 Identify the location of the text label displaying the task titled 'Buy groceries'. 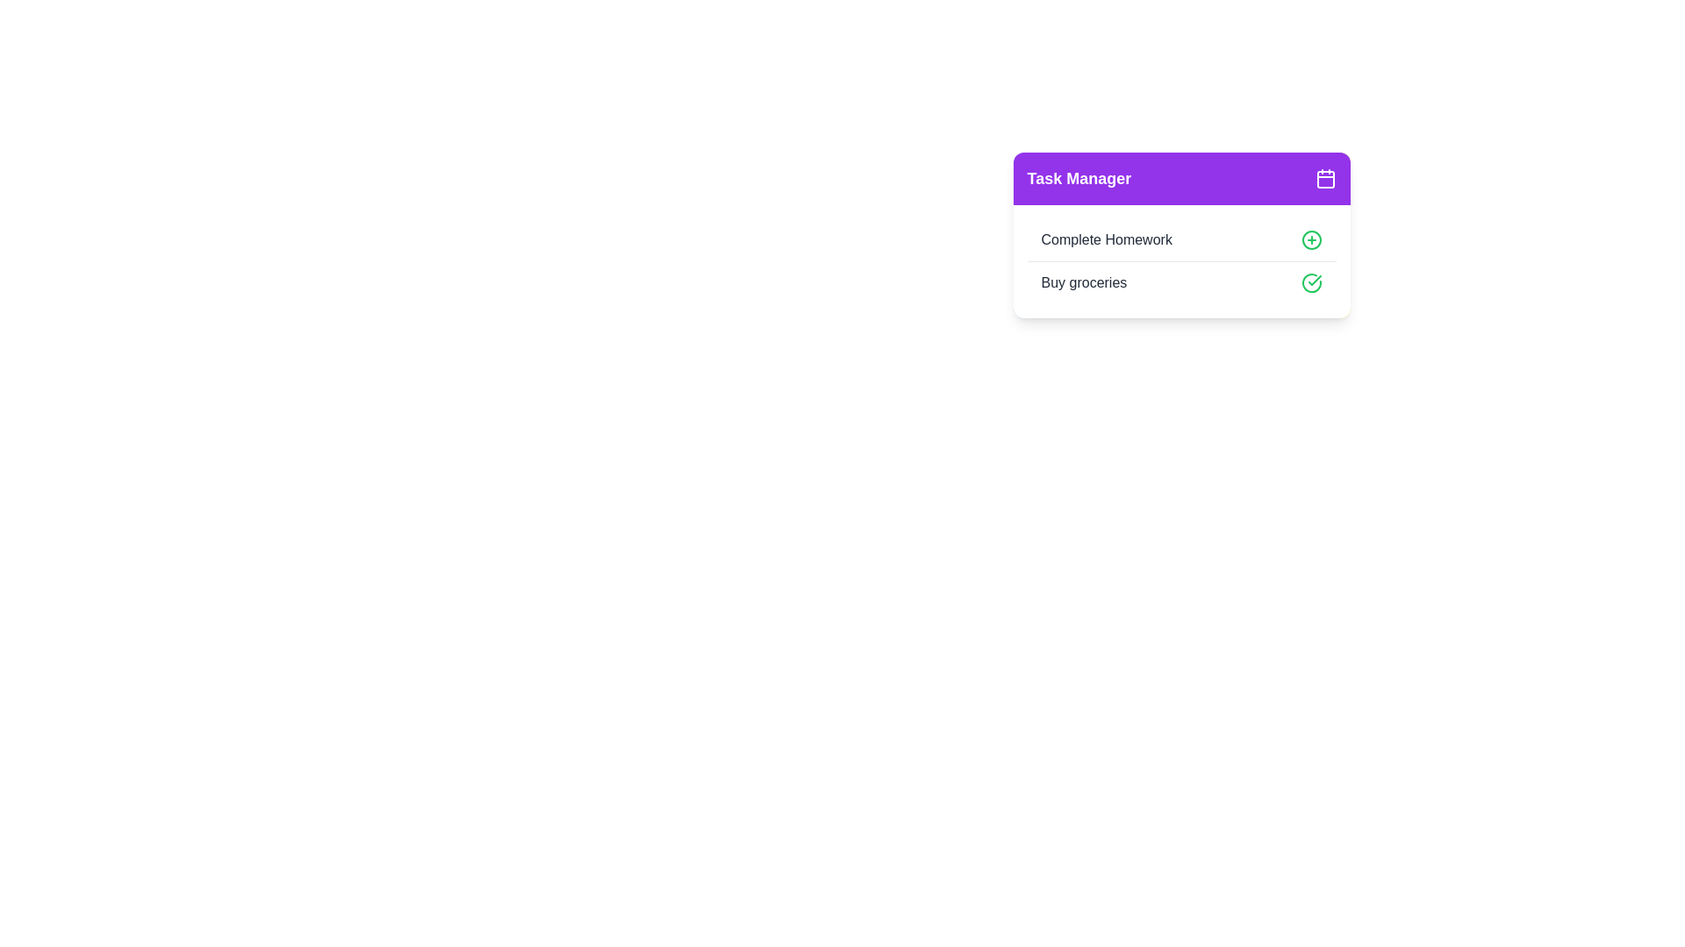
(1082, 282).